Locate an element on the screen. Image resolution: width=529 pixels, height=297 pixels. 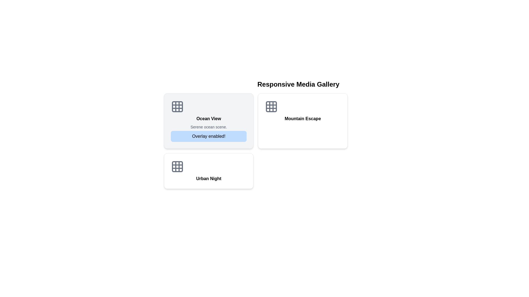
the text label 'Mountain Escape', which is styled with a bold font and located in the second column of a gallery layout, positioned below a grid icon is located at coordinates (303, 119).